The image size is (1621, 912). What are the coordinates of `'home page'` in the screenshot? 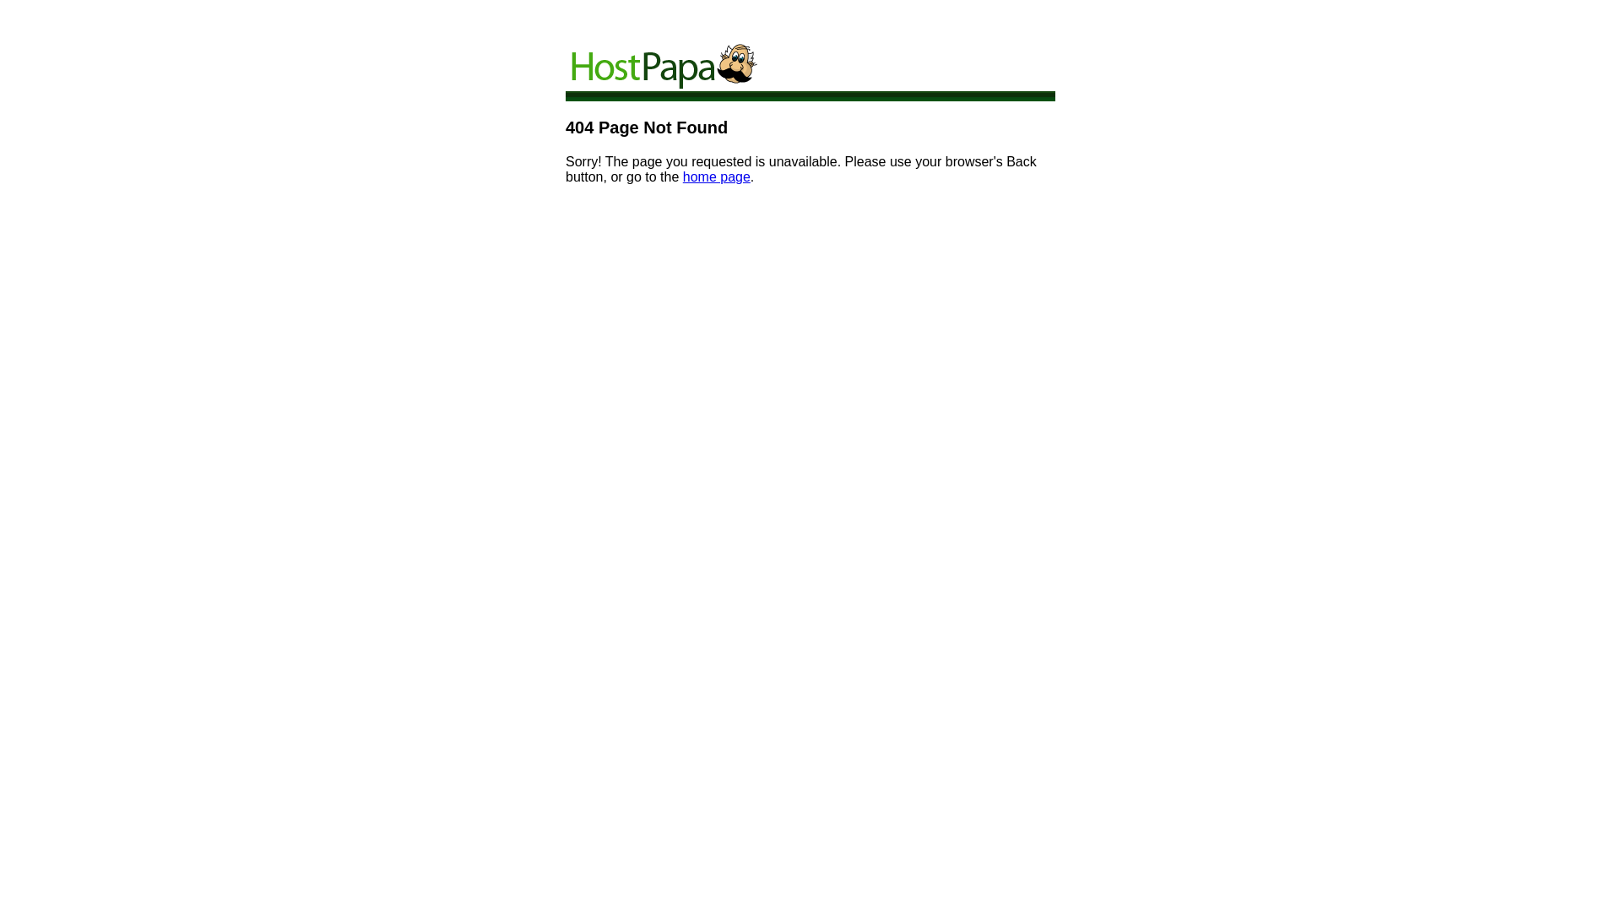 It's located at (717, 176).